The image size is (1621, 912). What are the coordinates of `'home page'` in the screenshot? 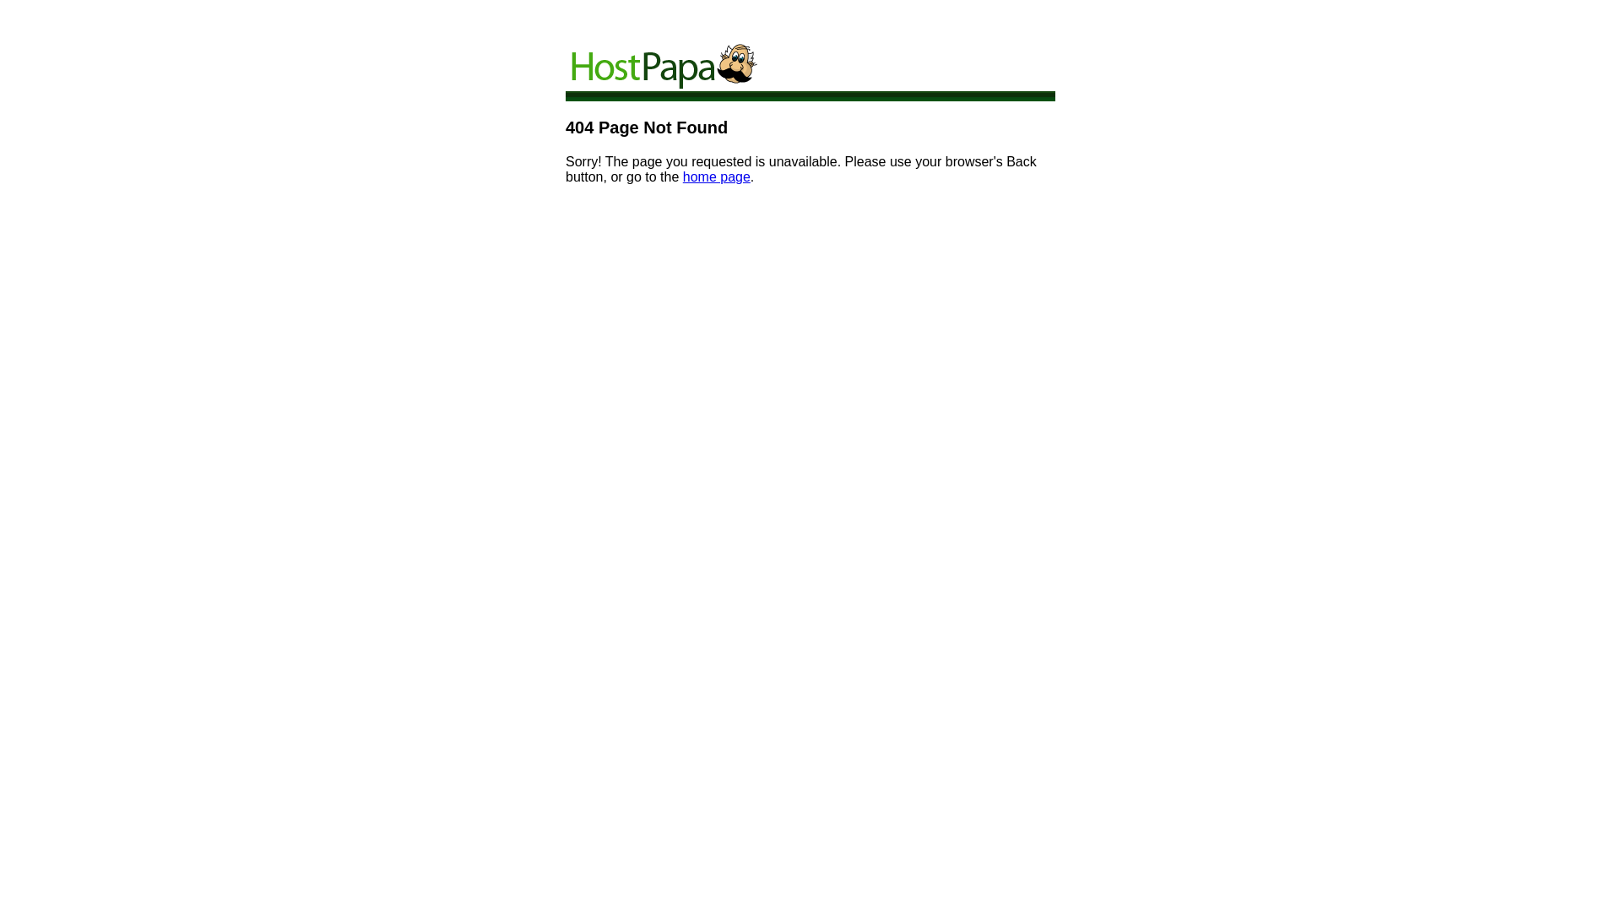 It's located at (717, 176).